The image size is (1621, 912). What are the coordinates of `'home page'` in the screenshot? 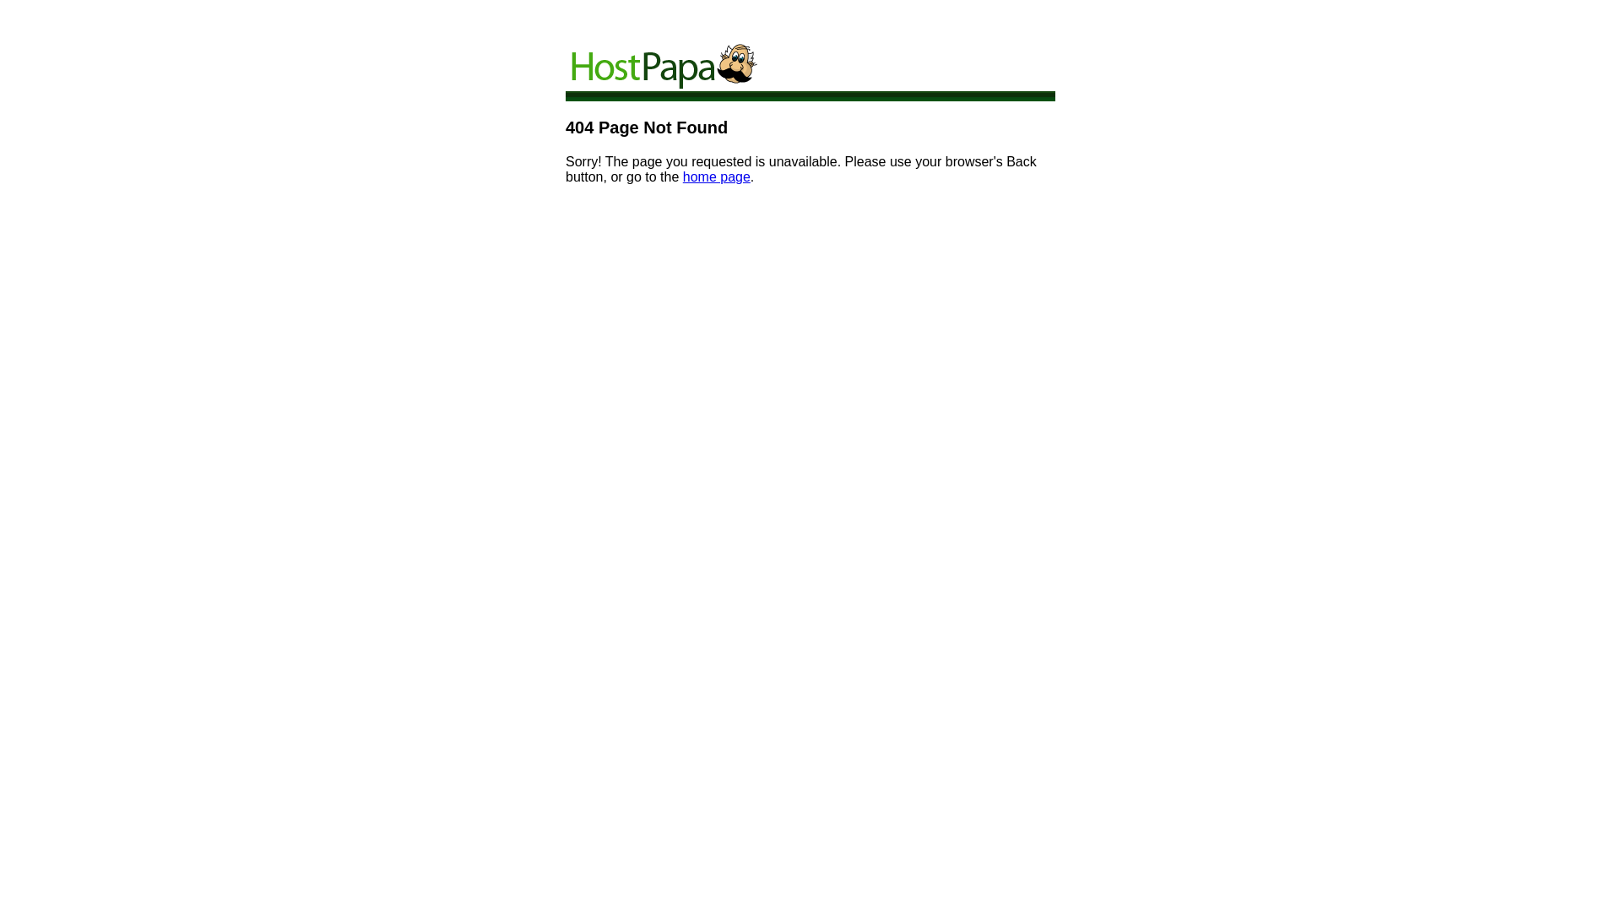 It's located at (717, 176).